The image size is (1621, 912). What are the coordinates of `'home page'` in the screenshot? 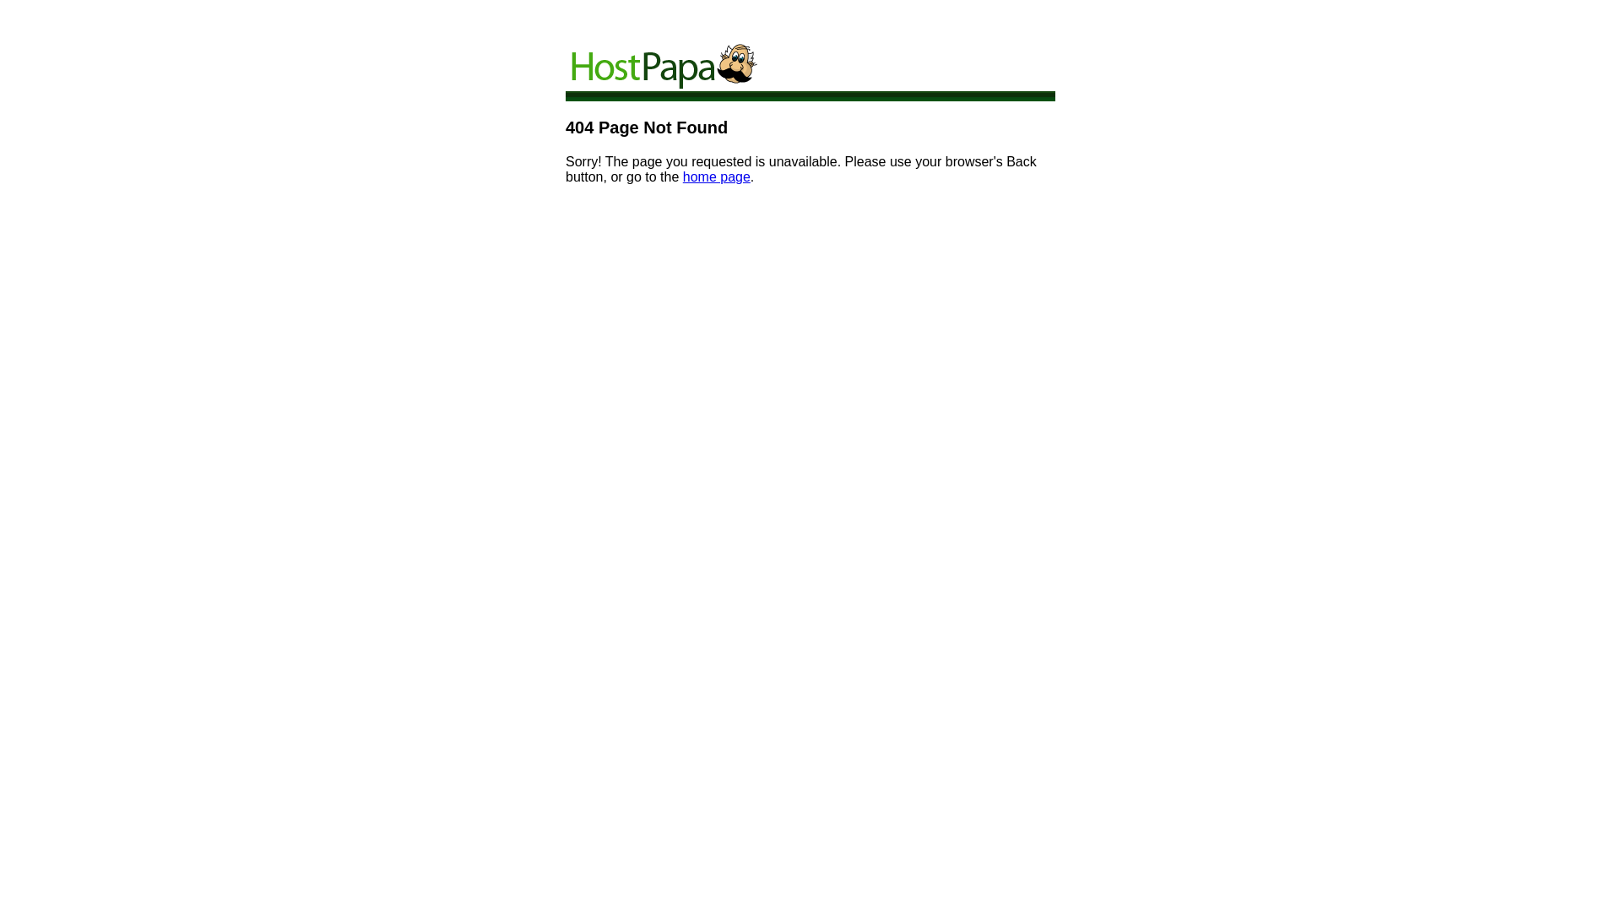 It's located at (717, 176).